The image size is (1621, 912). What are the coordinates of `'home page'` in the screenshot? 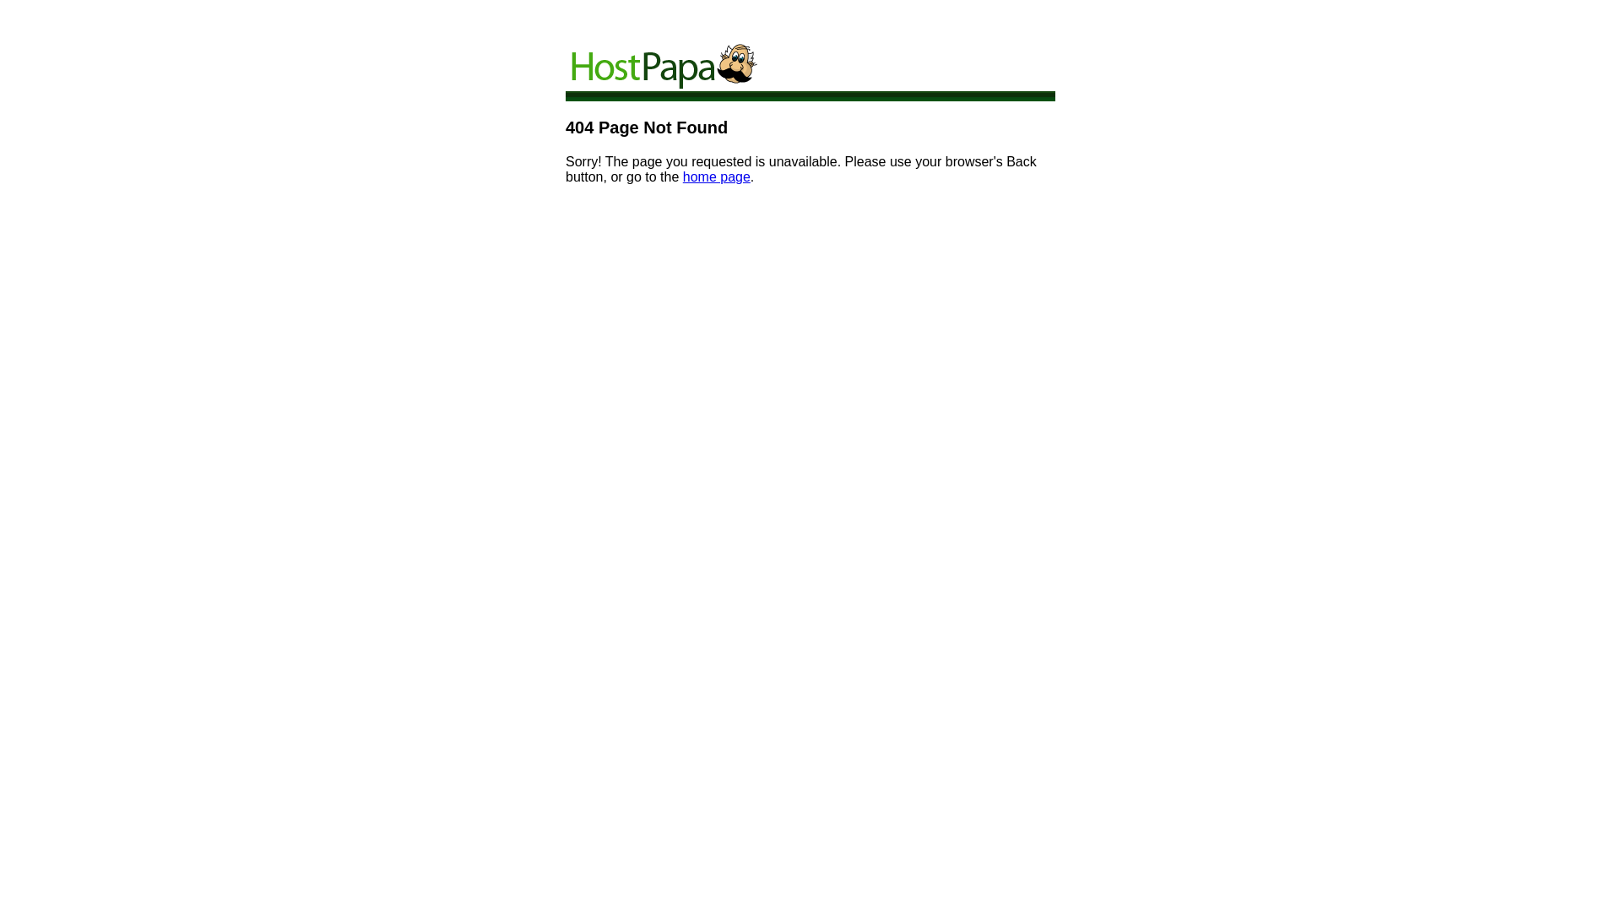 It's located at (717, 176).